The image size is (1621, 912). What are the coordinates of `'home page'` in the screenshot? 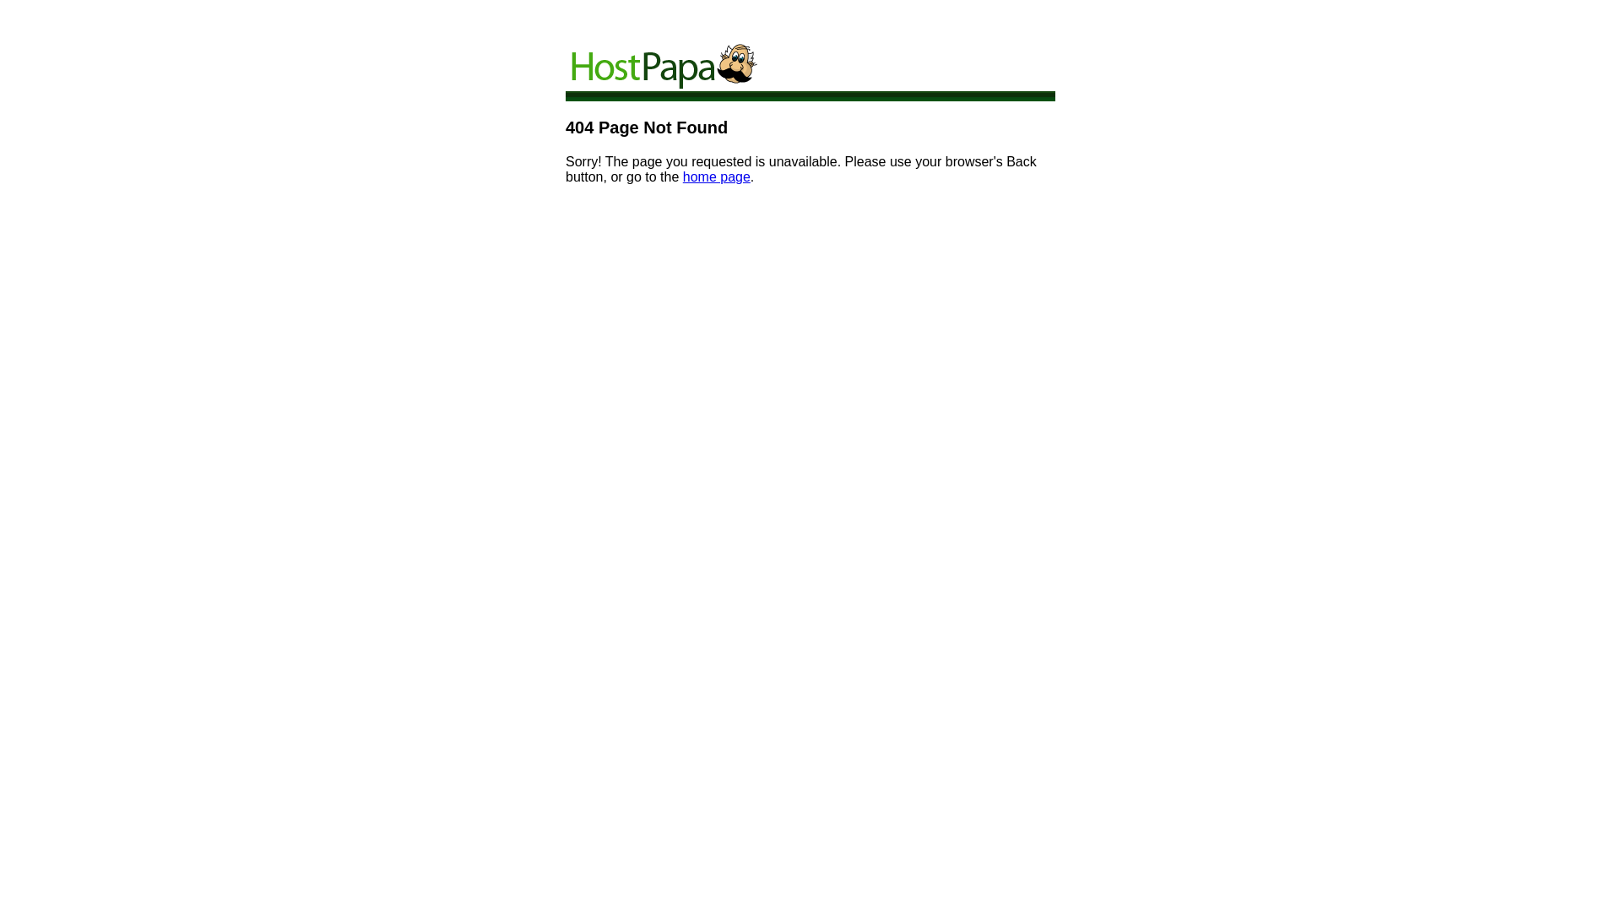 It's located at (717, 176).